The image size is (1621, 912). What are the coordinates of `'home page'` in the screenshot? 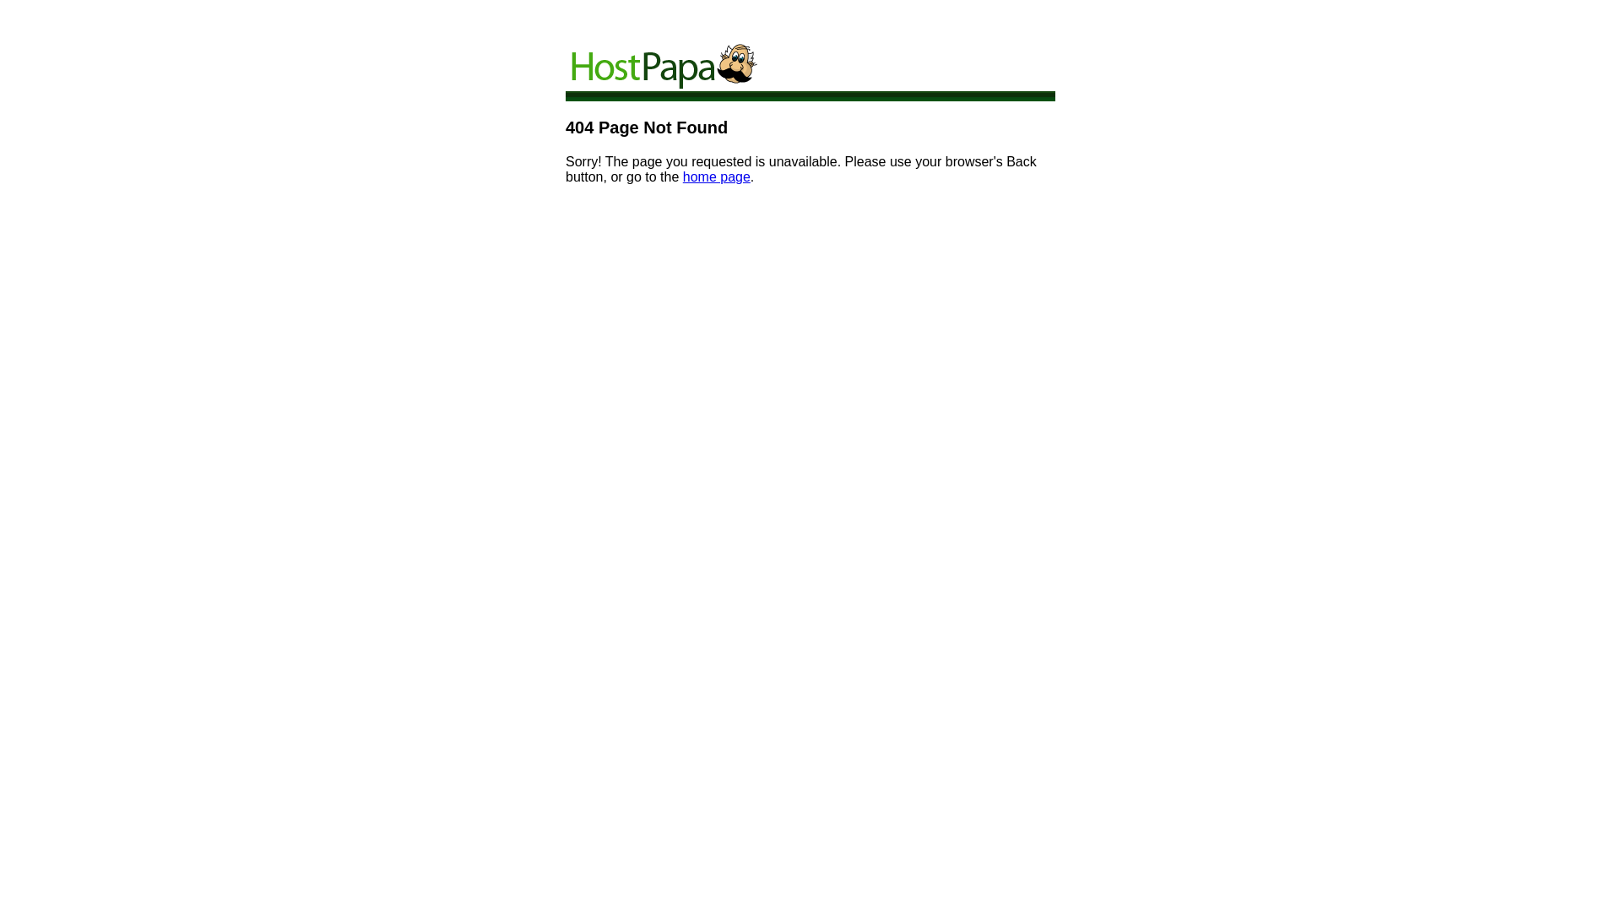 It's located at (717, 176).